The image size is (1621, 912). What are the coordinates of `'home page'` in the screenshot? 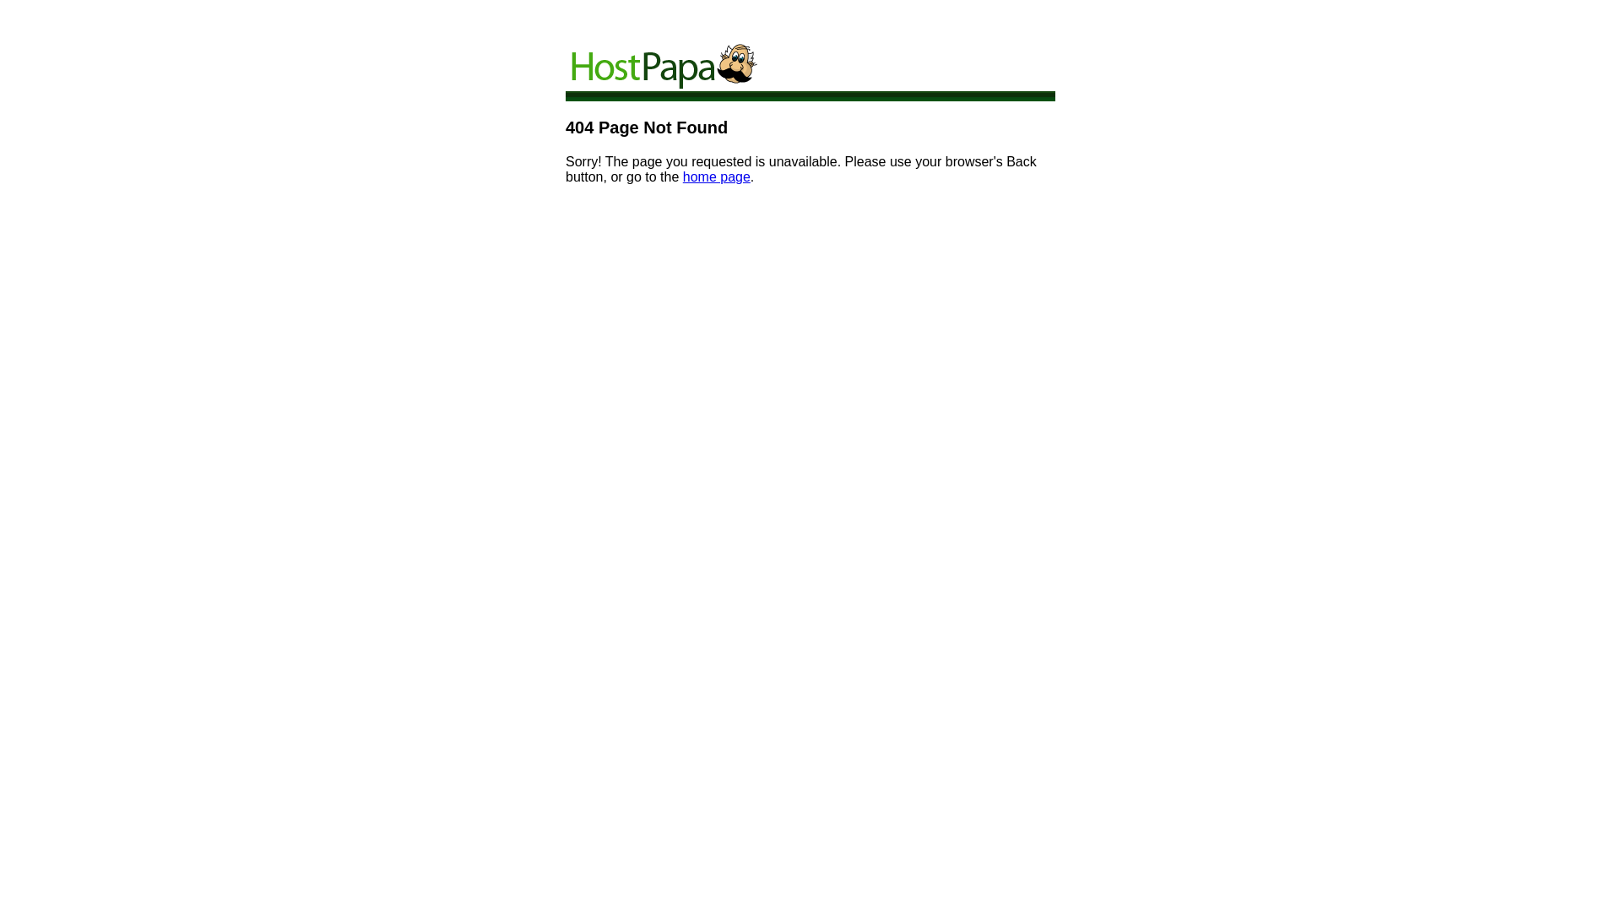 It's located at (717, 176).